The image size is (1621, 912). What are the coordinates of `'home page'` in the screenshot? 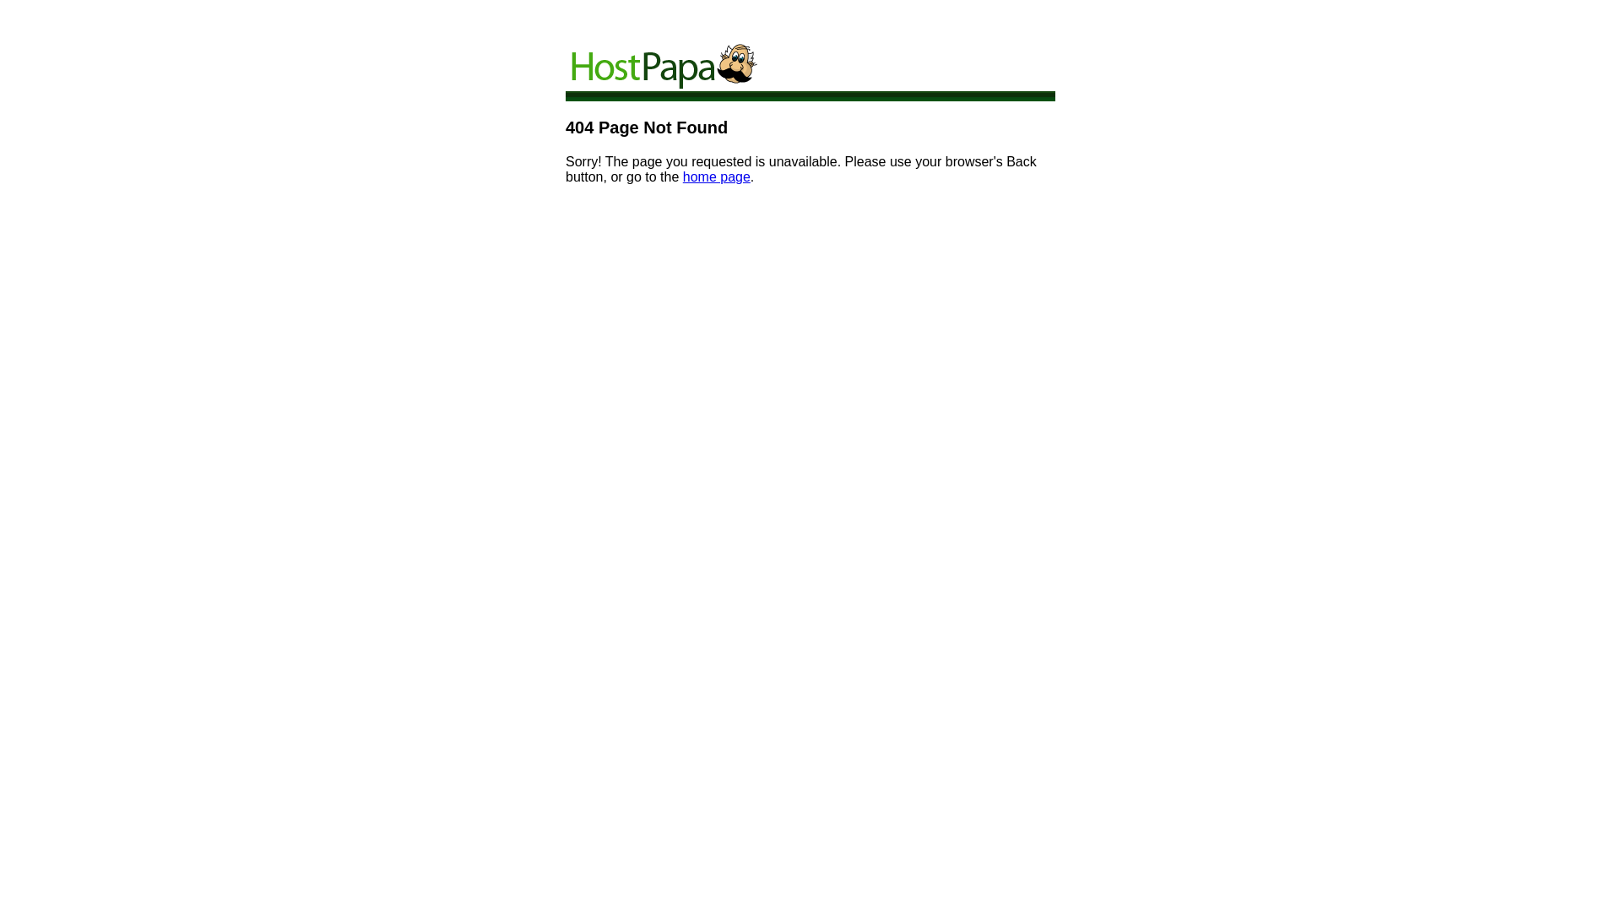 It's located at (717, 176).